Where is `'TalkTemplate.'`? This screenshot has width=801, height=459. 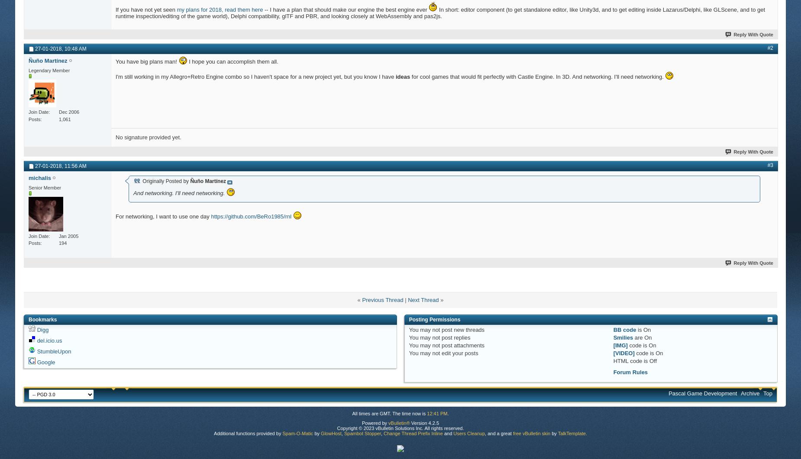
'TalkTemplate.' is located at coordinates (572, 432).